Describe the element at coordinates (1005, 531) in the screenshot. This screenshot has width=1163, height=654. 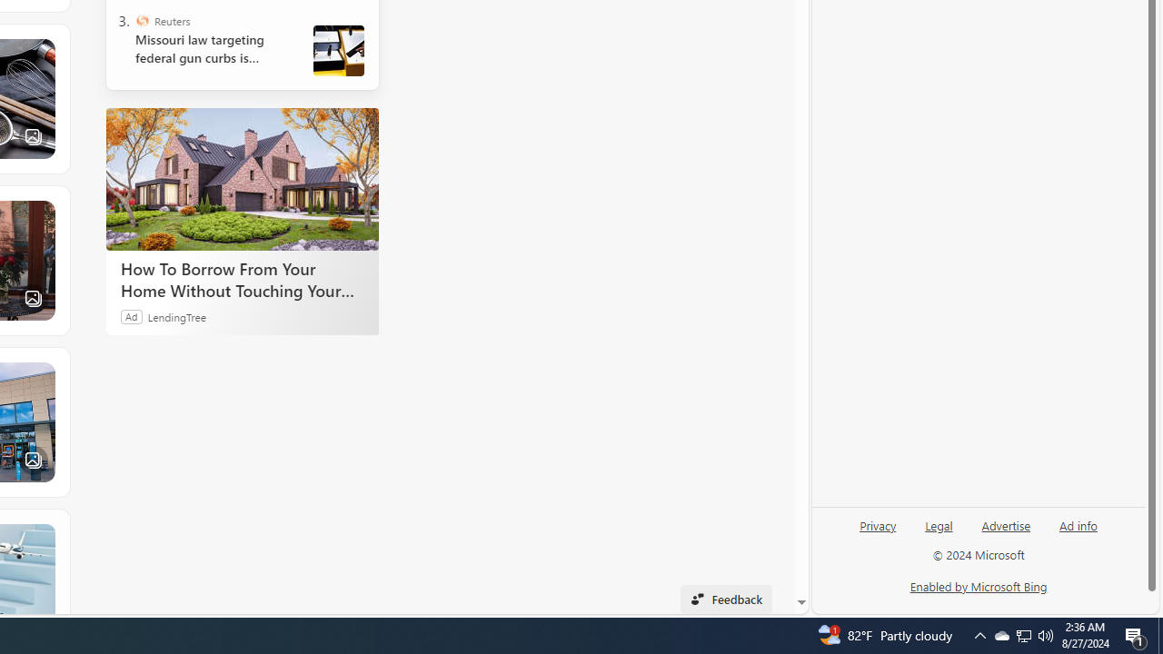
I see `'Advertise'` at that location.